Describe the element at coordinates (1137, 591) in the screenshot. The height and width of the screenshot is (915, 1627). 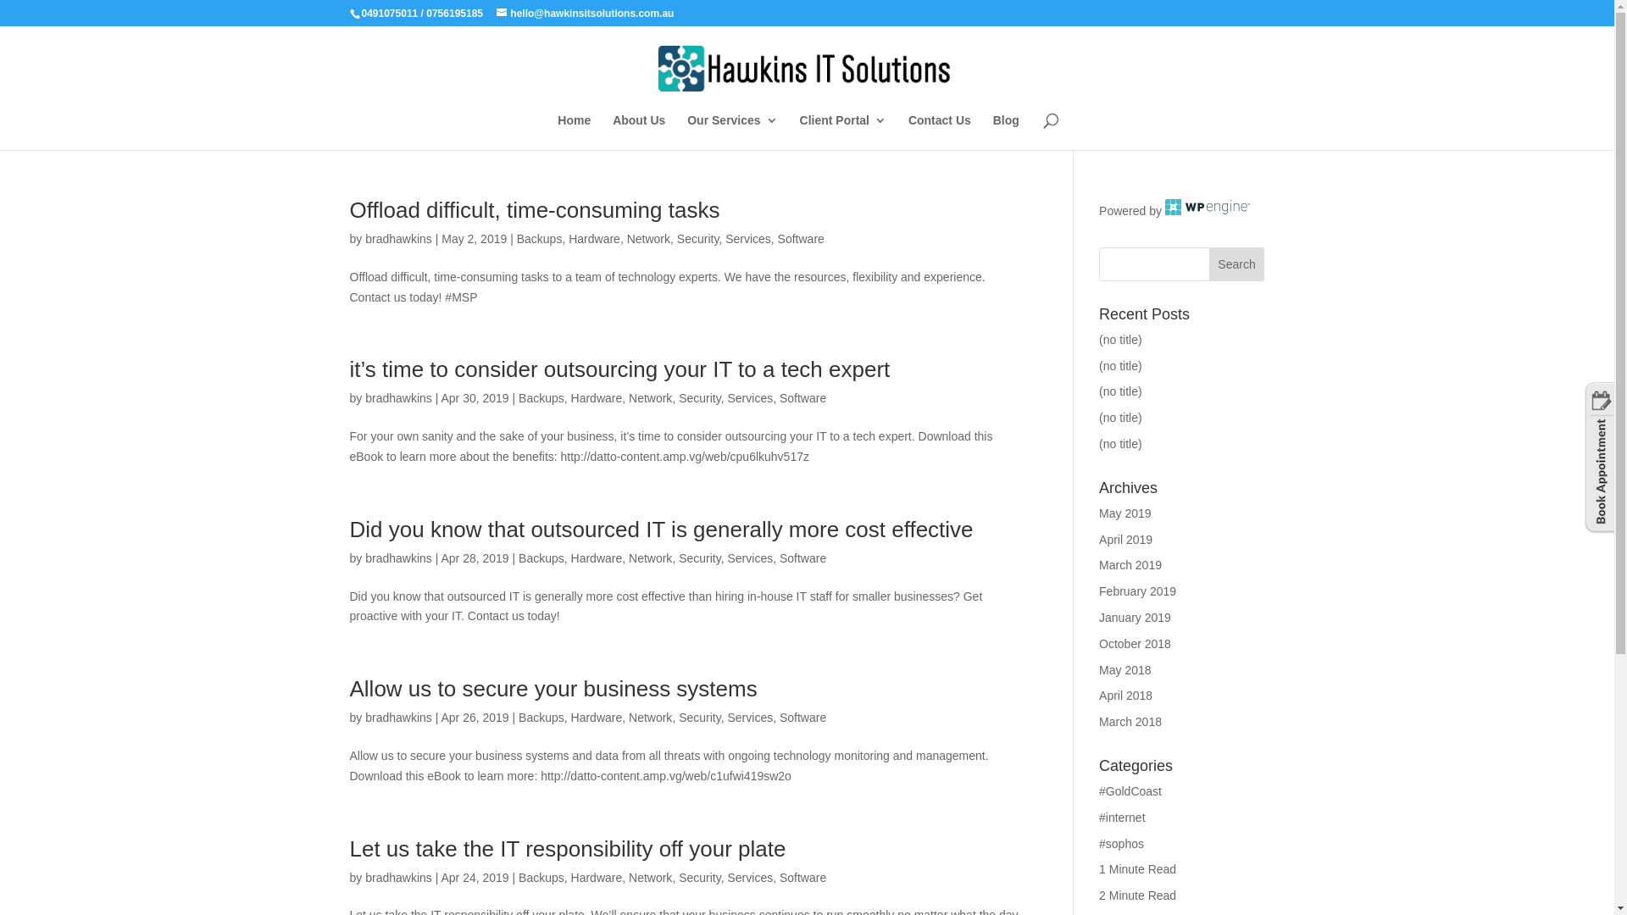
I see `'February 2019'` at that location.